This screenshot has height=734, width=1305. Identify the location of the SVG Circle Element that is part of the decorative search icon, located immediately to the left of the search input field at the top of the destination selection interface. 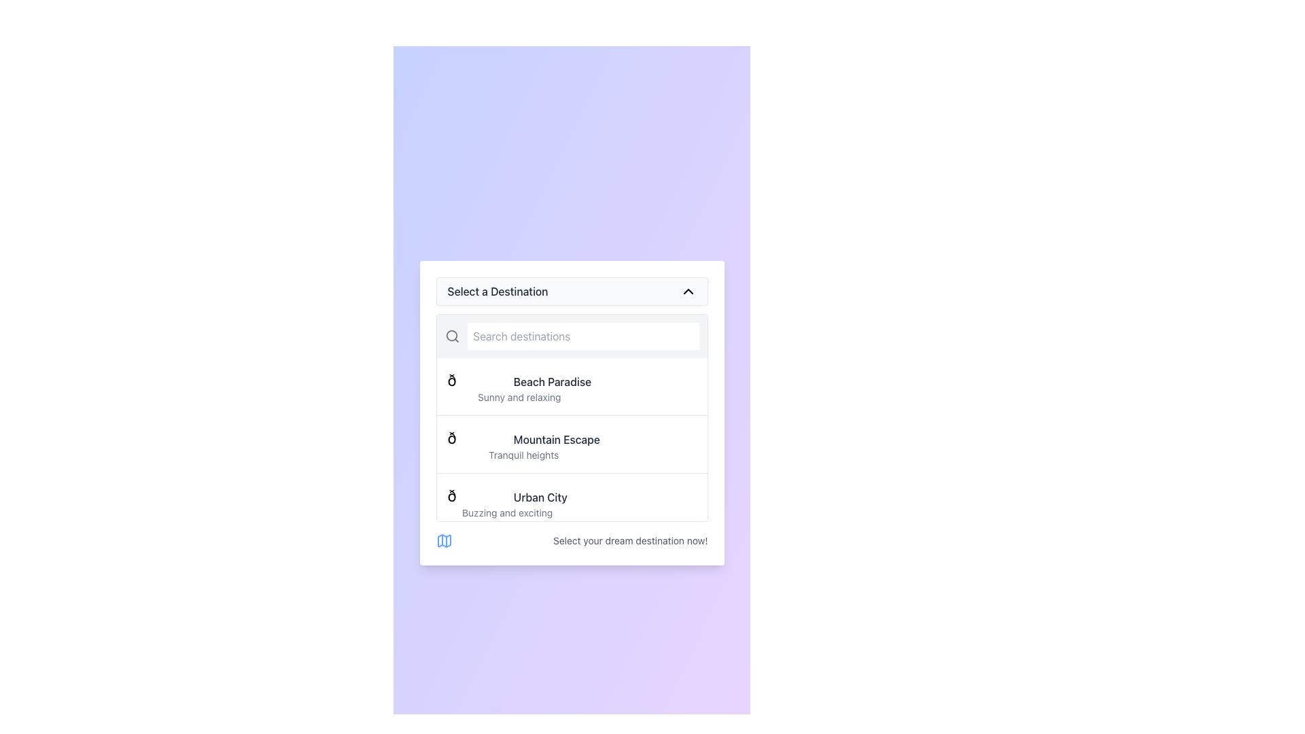
(451, 336).